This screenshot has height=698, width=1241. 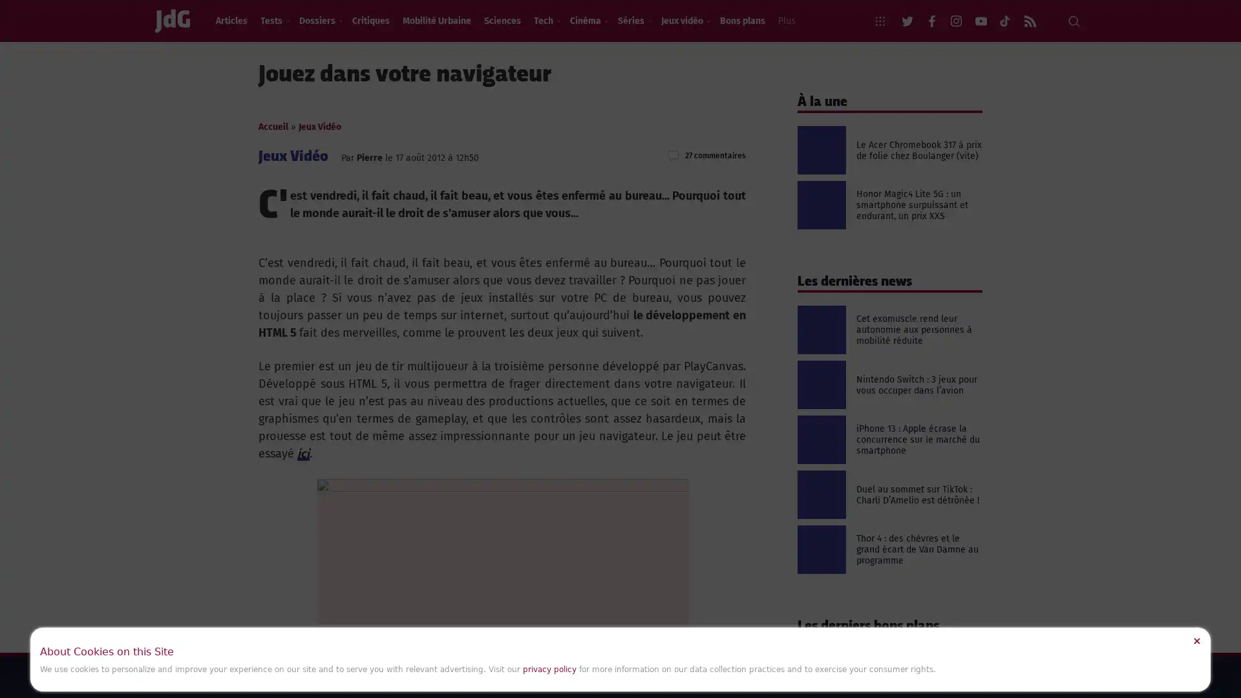 I want to click on flickr, so click(x=1004, y=20).